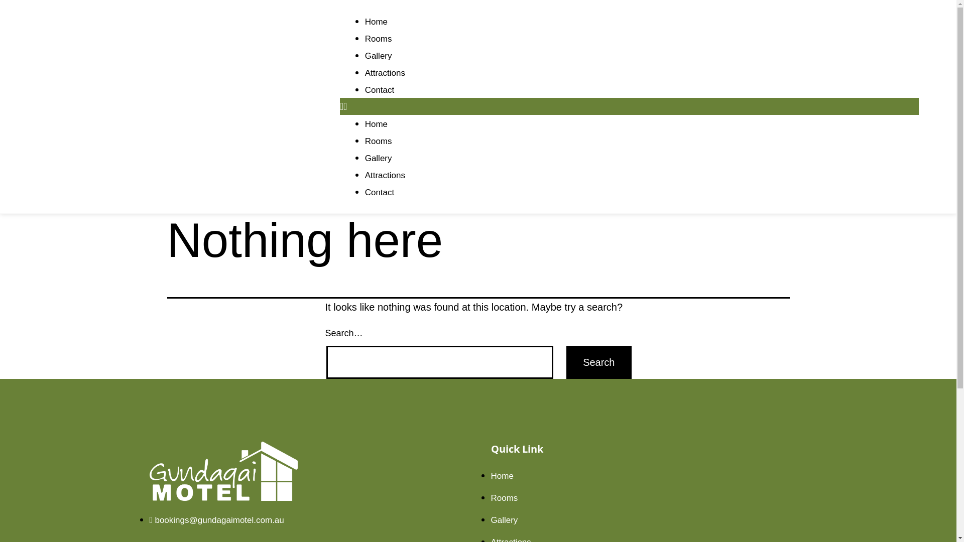 This screenshot has width=964, height=542. Describe the element at coordinates (385, 72) in the screenshot. I see `'Attractions'` at that location.